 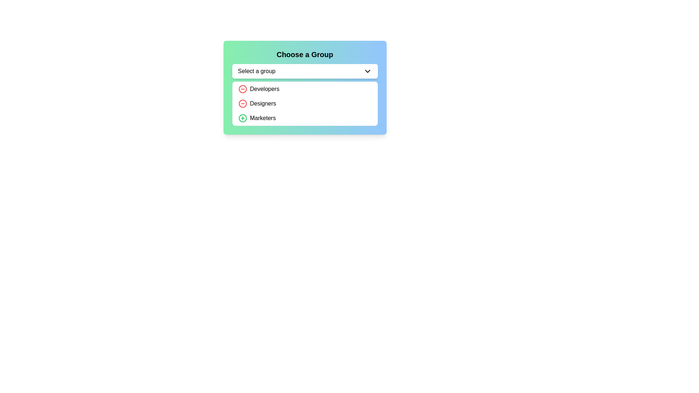 What do you see at coordinates (367, 71) in the screenshot?
I see `the SVG icon located to the right of the 'Select a group' label` at bounding box center [367, 71].